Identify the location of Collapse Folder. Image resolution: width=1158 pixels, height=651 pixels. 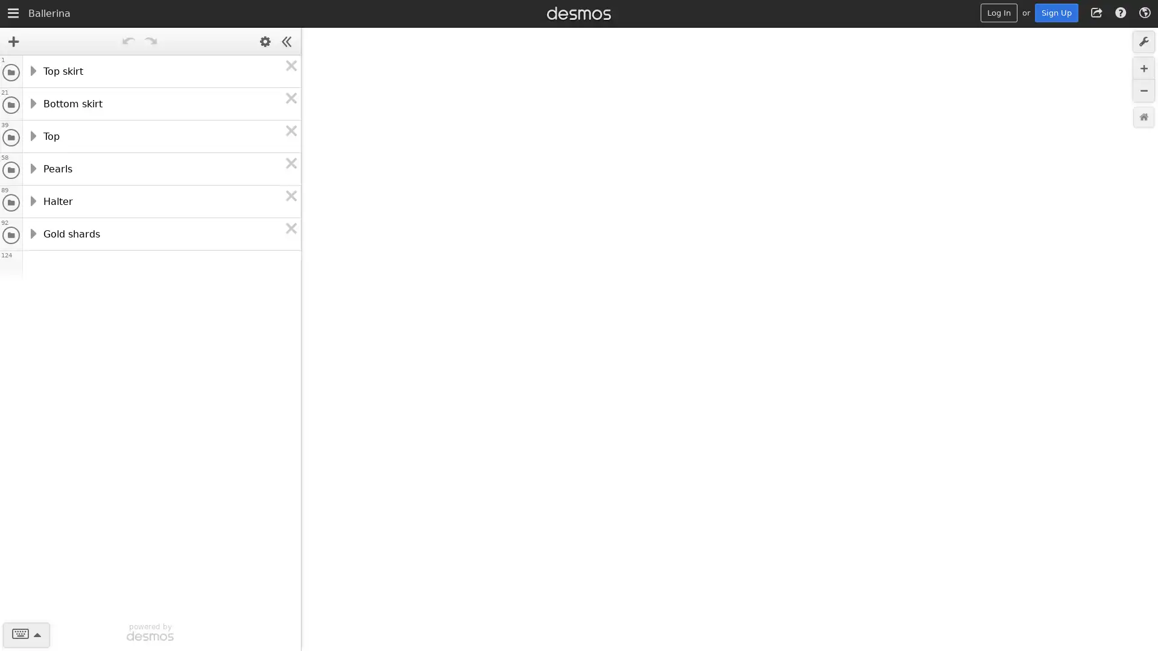
(32, 69).